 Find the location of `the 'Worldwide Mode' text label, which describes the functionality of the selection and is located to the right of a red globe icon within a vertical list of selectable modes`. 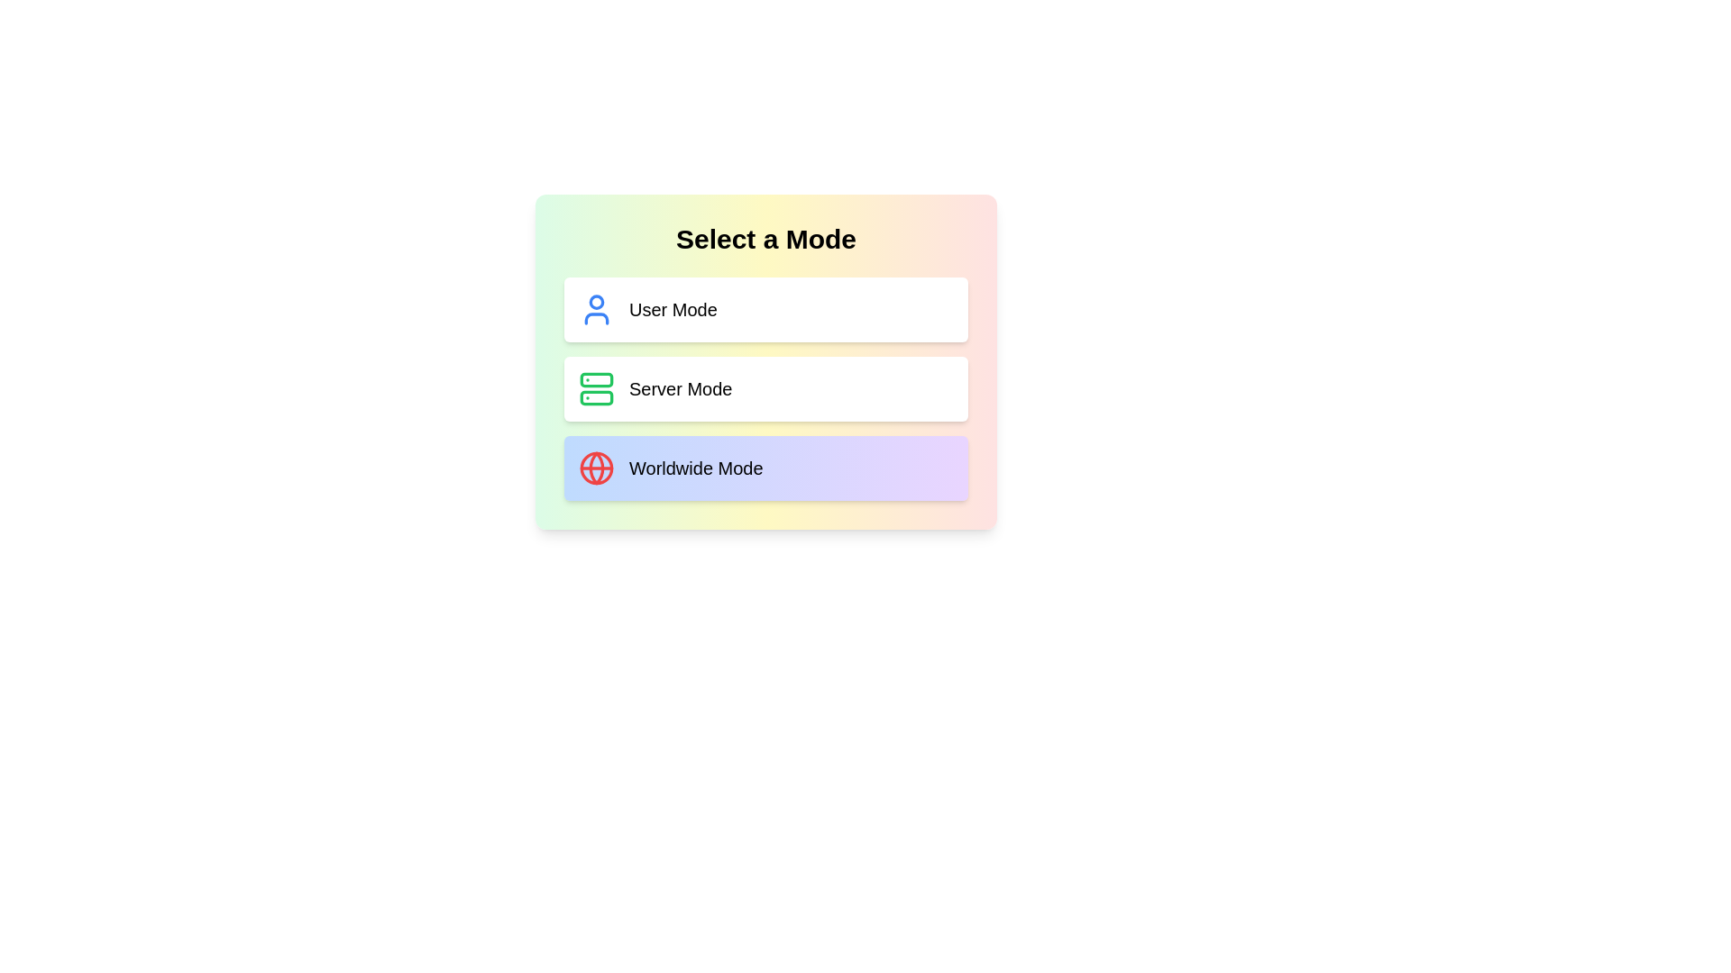

the 'Worldwide Mode' text label, which describes the functionality of the selection and is located to the right of a red globe icon within a vertical list of selectable modes is located at coordinates (695, 468).